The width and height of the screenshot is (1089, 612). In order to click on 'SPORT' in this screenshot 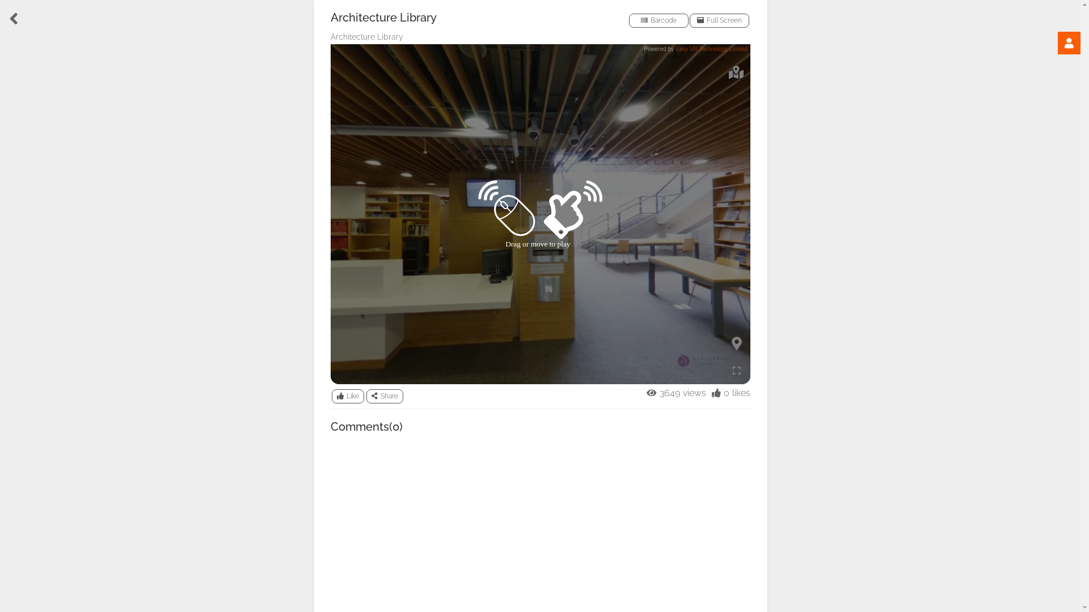, I will do `click(27, 183)`.